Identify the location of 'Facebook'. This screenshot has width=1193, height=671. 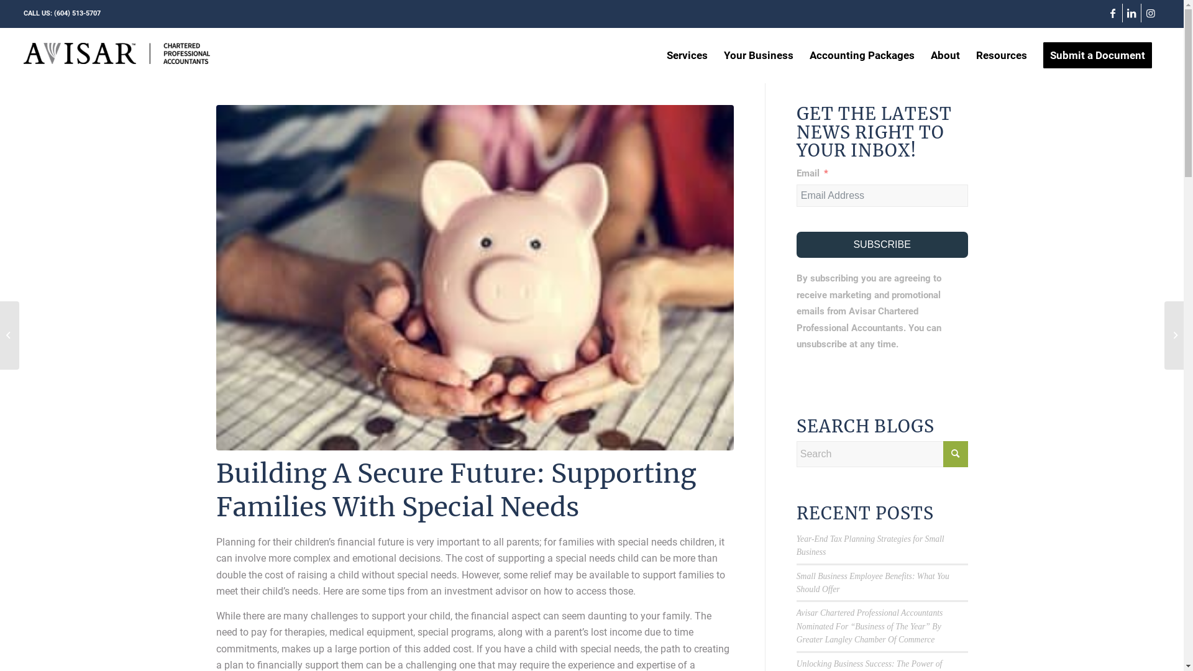
(1104, 12).